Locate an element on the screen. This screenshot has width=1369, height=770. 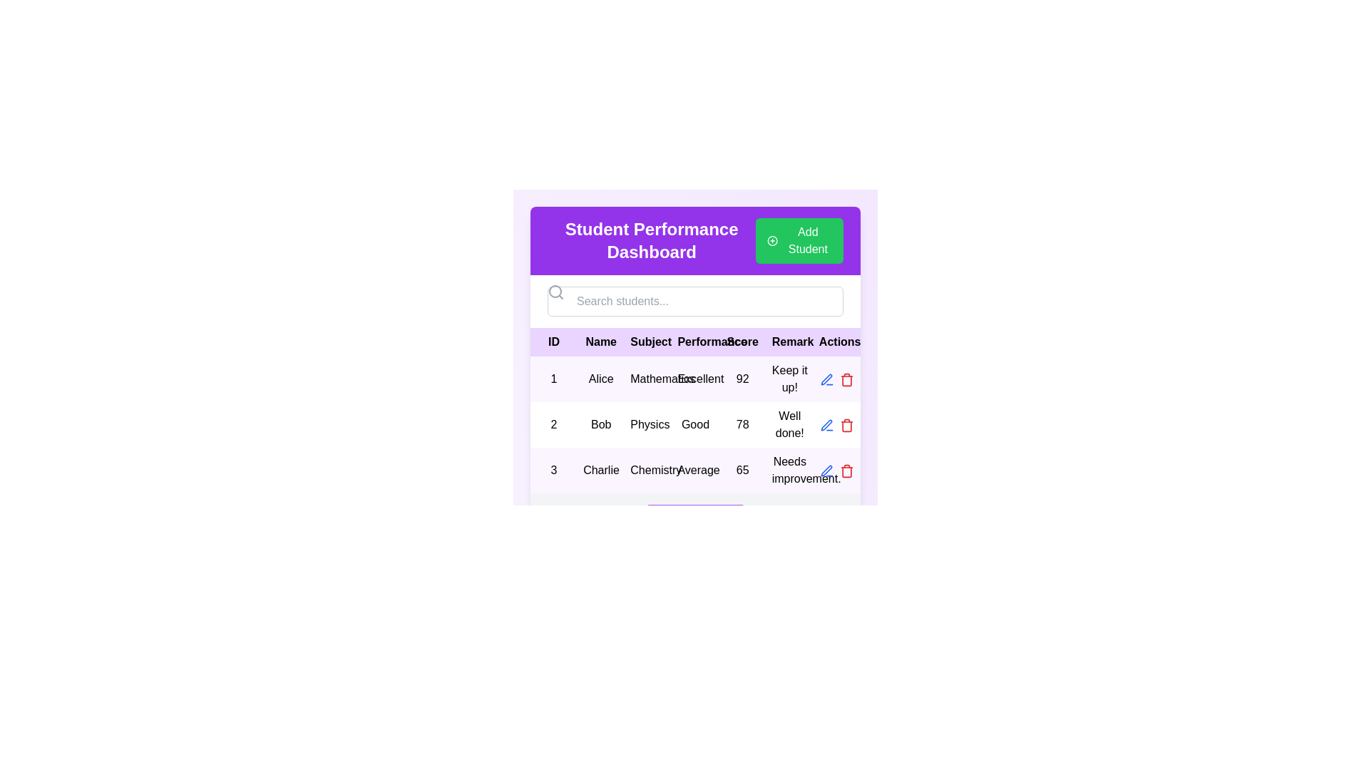
the button located in the top-right corner of the 'Student Performance Dashboard' is located at coordinates (799, 240).